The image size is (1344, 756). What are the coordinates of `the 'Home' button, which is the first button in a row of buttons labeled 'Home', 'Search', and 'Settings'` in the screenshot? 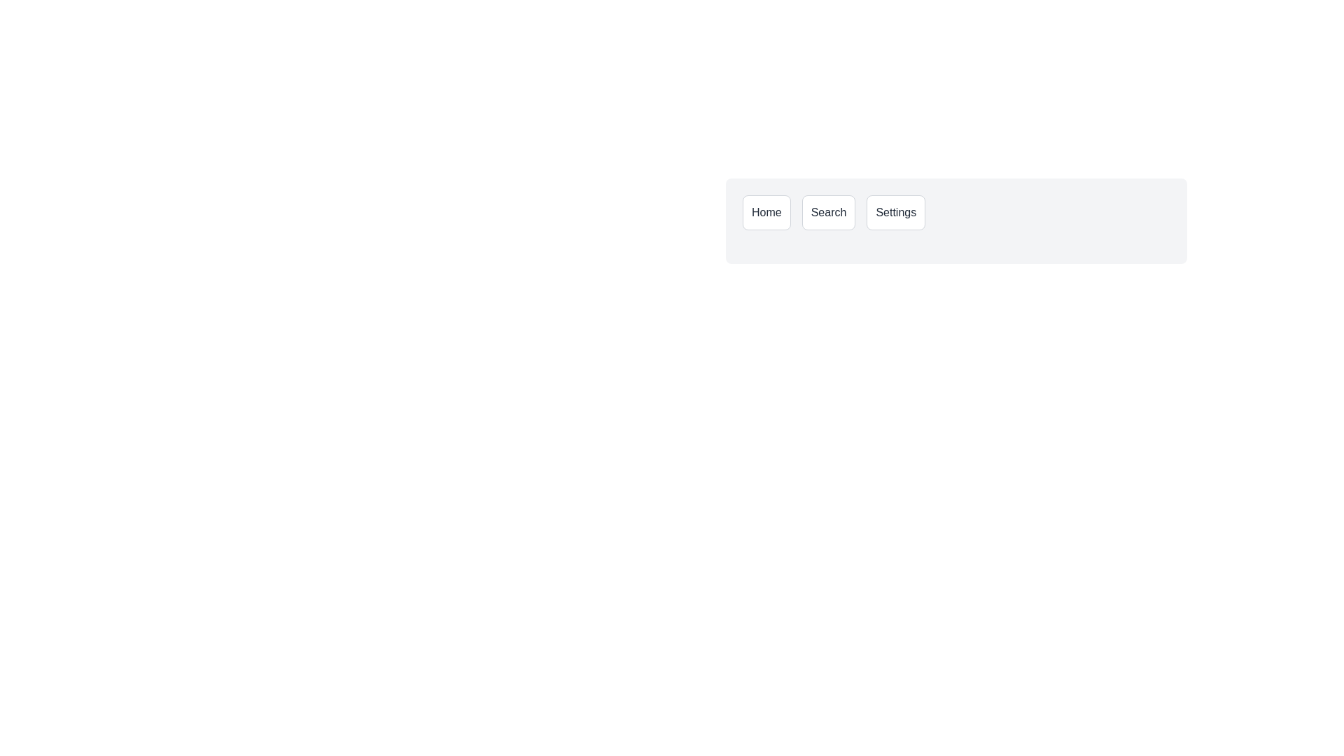 It's located at (766, 213).